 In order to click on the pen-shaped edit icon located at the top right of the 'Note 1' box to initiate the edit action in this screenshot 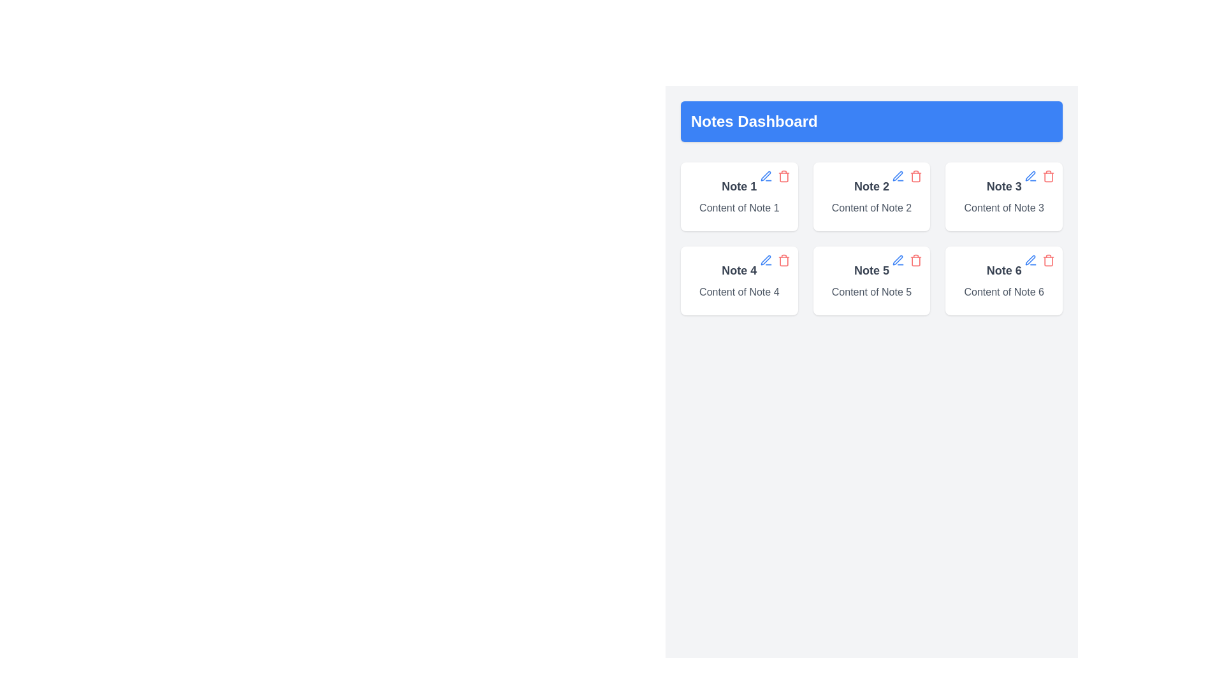, I will do `click(765, 176)`.